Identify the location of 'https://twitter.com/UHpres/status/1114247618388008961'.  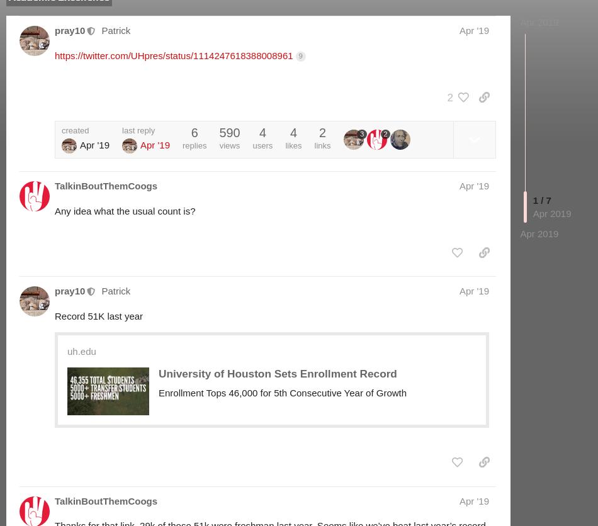
(55, 55).